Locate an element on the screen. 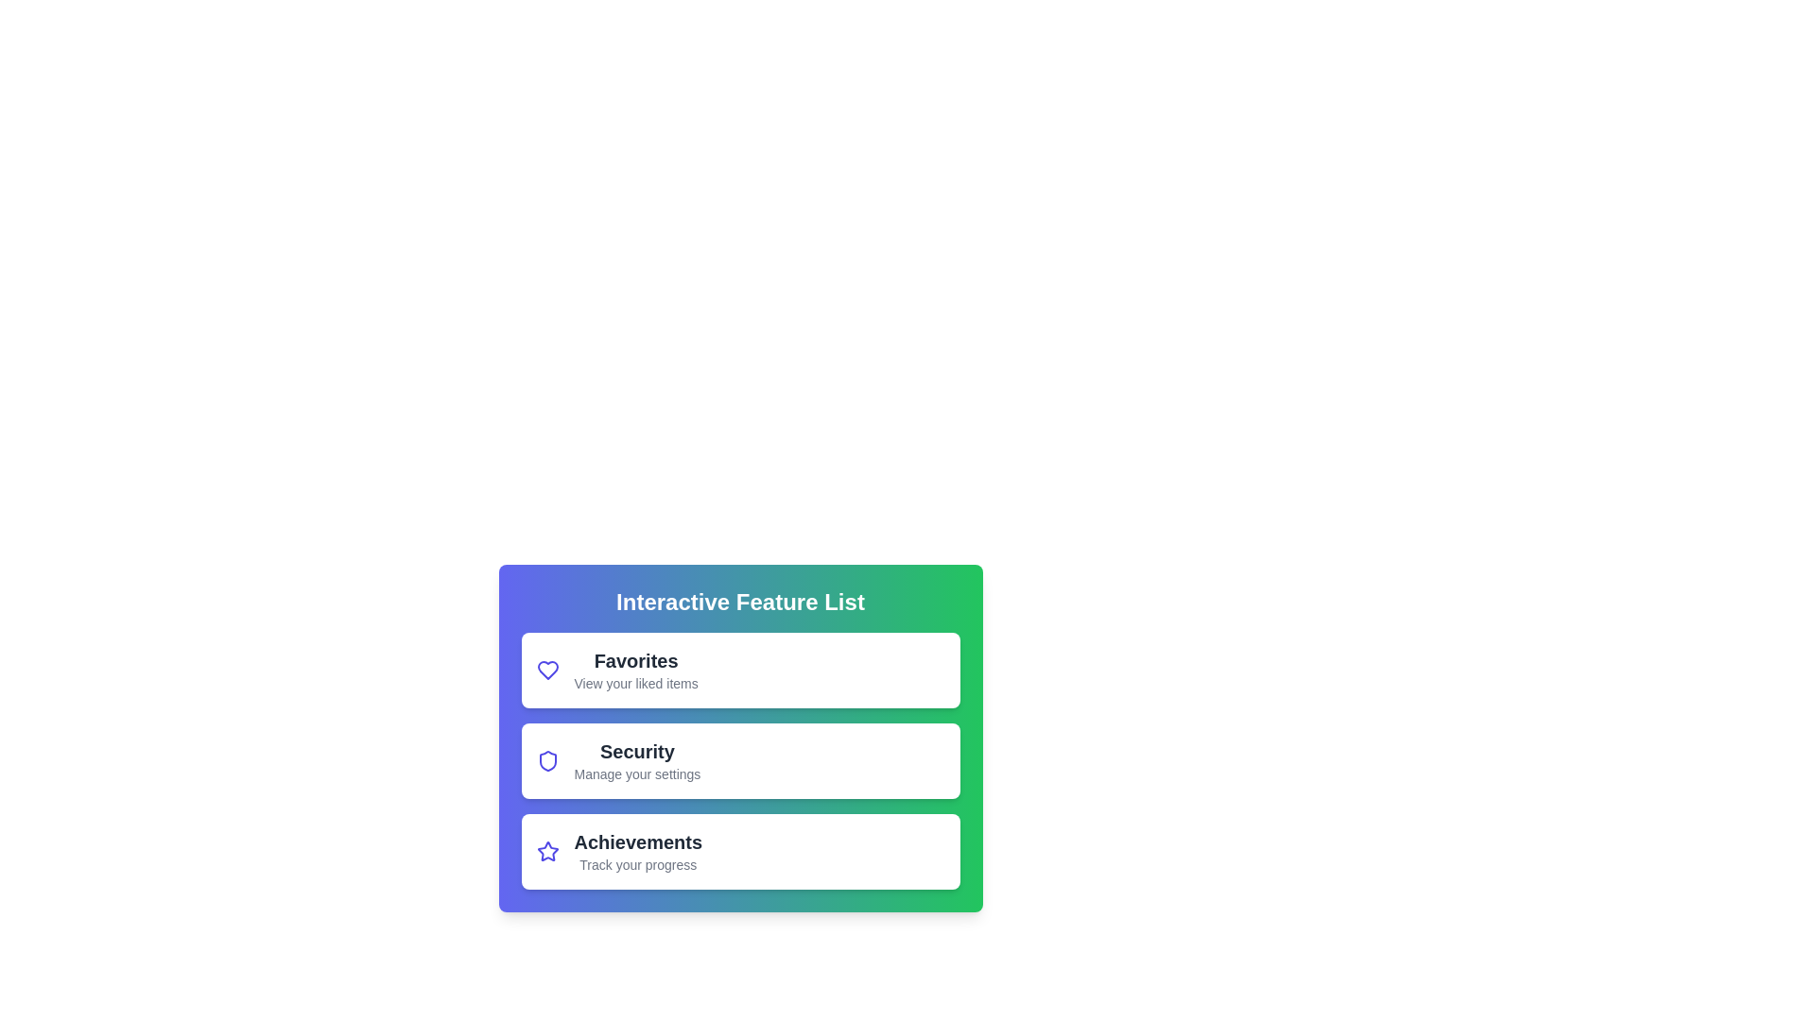 This screenshot has height=1020, width=1815. the feature item Security to observe its hover effect is located at coordinates (739, 760).